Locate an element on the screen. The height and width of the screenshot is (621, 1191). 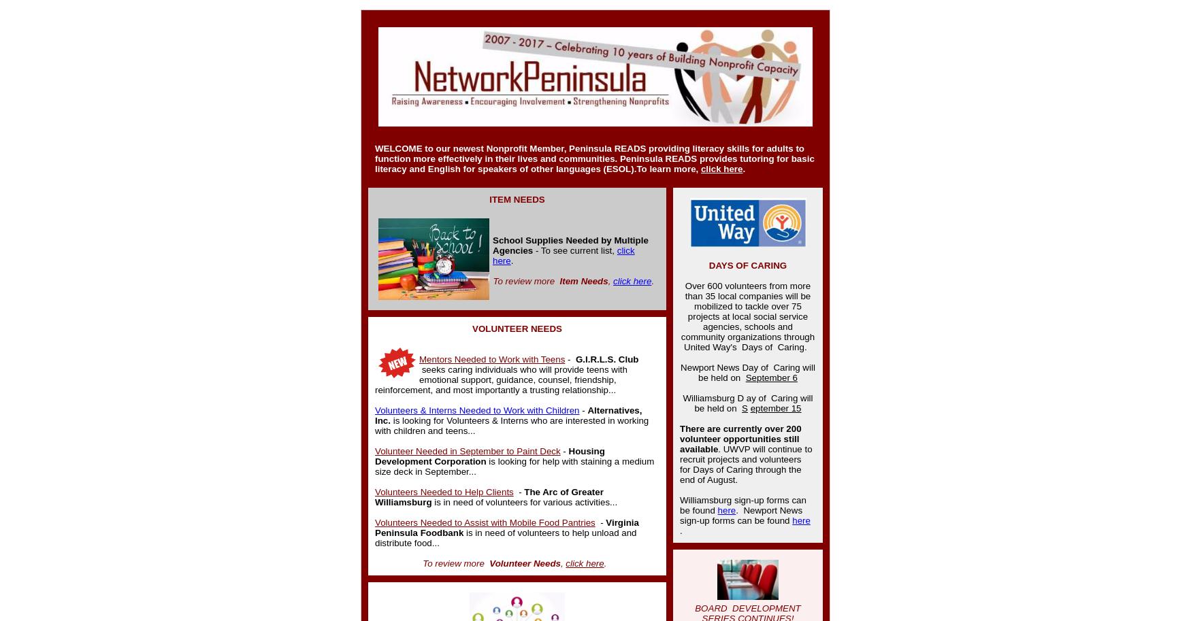
'There are currently over 200 volunteer opportunities still available' is located at coordinates (740, 438).